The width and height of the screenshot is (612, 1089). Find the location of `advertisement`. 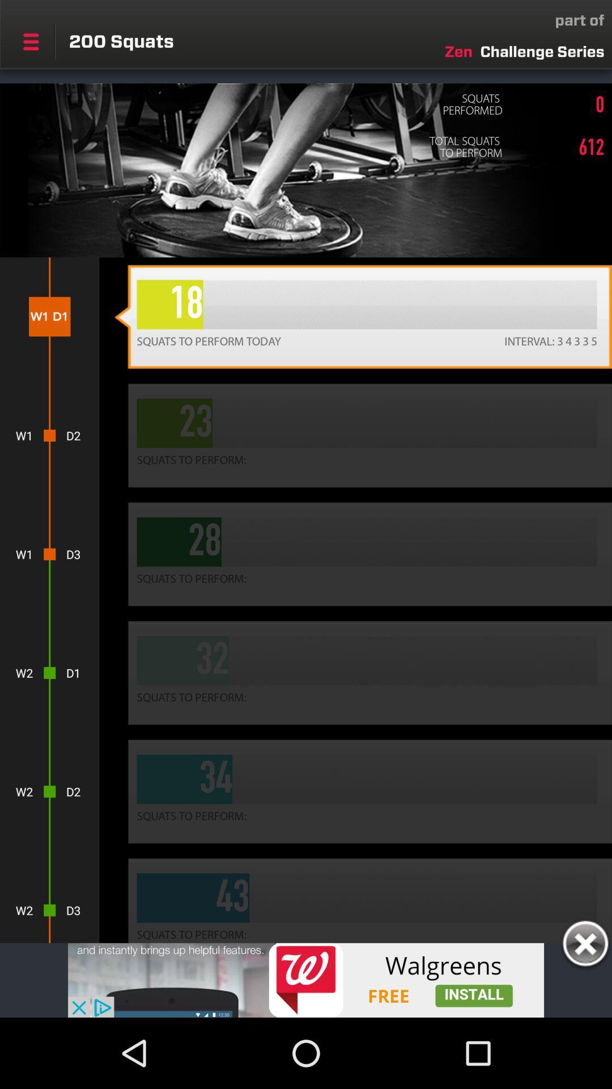

advertisement is located at coordinates (585, 946).